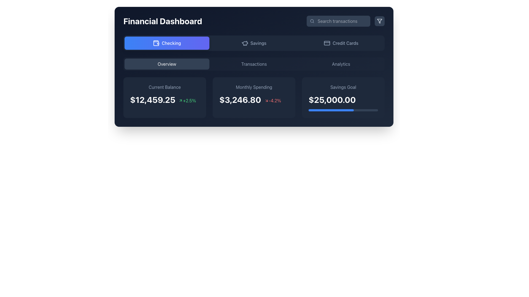 The height and width of the screenshot is (297, 529). I want to click on the 'Monthly Spending' block, so click(253, 97).